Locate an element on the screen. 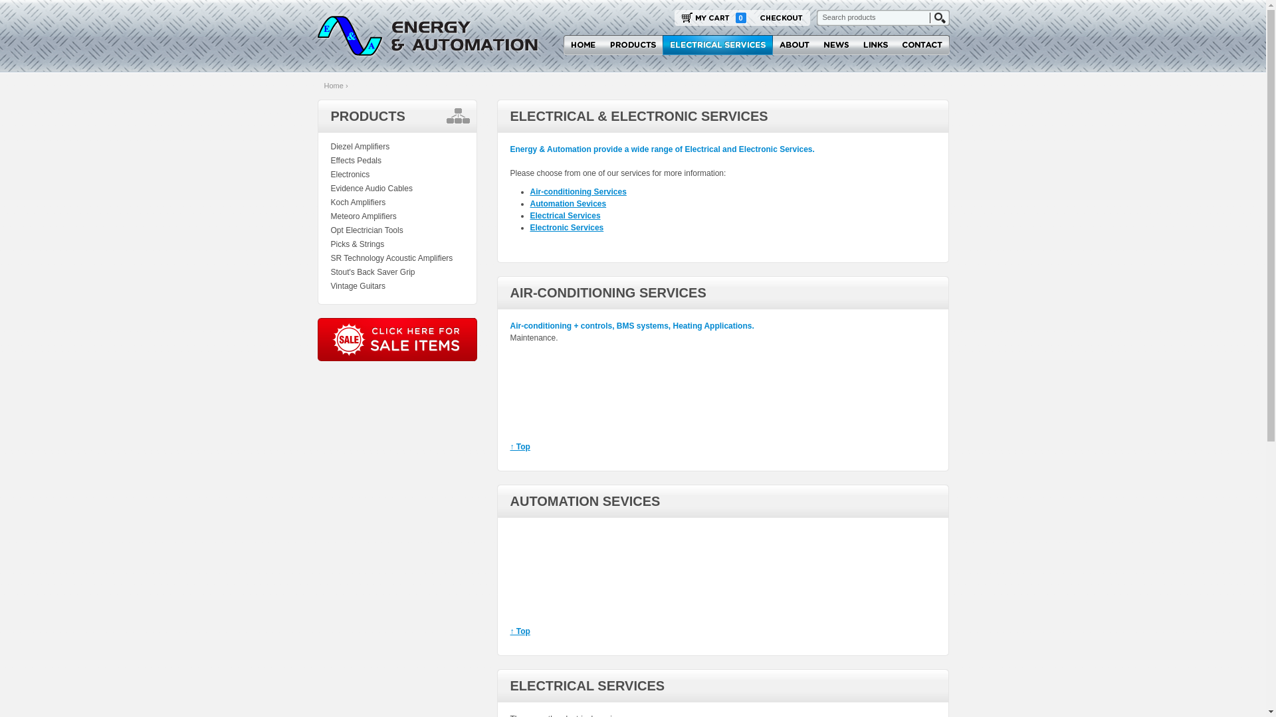 Image resolution: width=1276 pixels, height=717 pixels. 'Electronic Services' is located at coordinates (529, 227).